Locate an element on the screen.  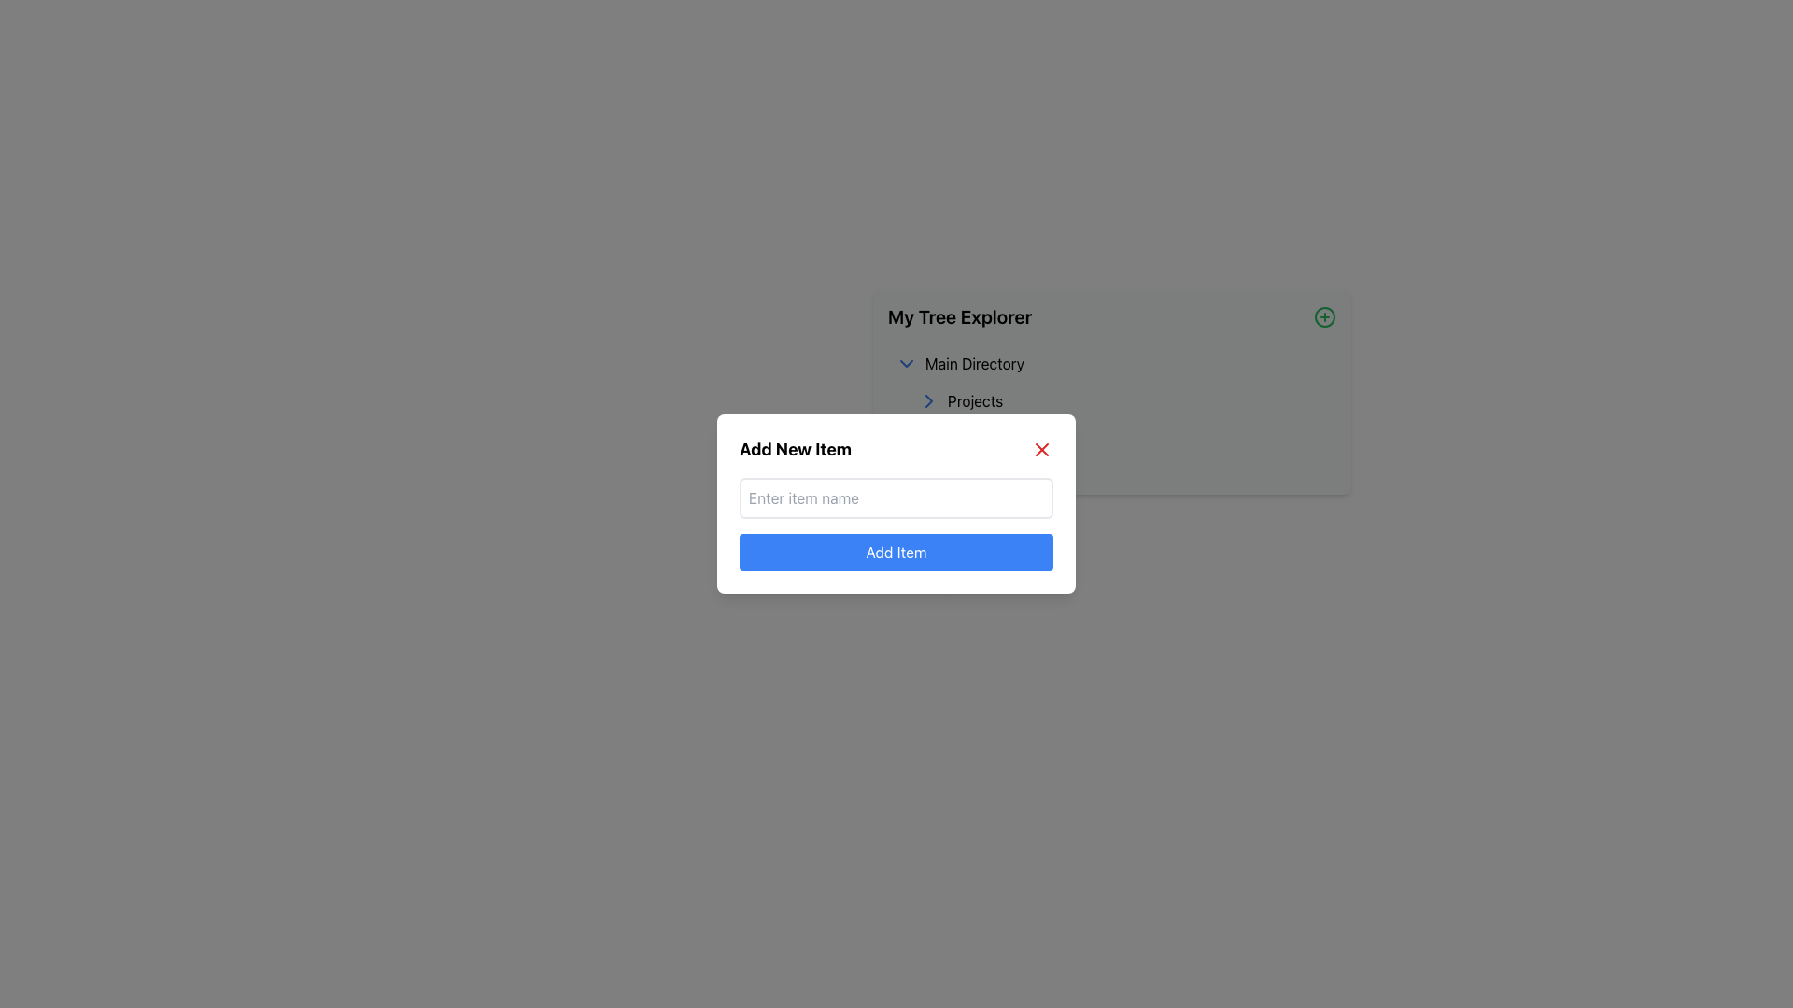
the red diagonal cross icon in the top-right corner of the 'Add New Item' popup modal is located at coordinates (1041, 450).